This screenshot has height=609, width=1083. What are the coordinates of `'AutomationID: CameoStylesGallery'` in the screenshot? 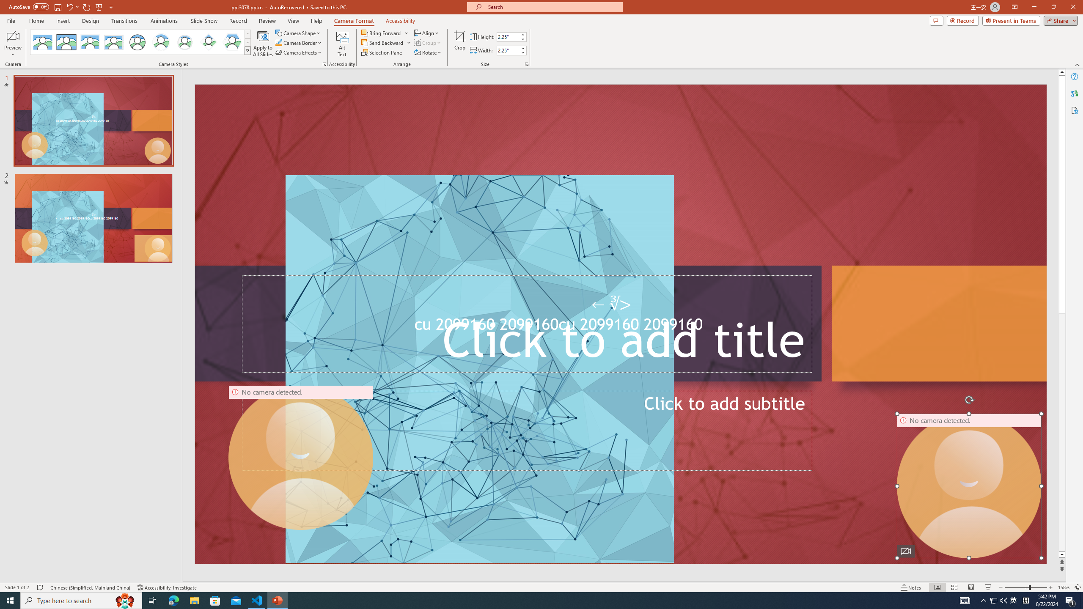 It's located at (140, 42).